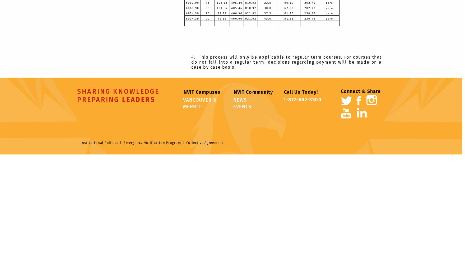  I want to click on 'Emergency Notification Program', so click(152, 142).